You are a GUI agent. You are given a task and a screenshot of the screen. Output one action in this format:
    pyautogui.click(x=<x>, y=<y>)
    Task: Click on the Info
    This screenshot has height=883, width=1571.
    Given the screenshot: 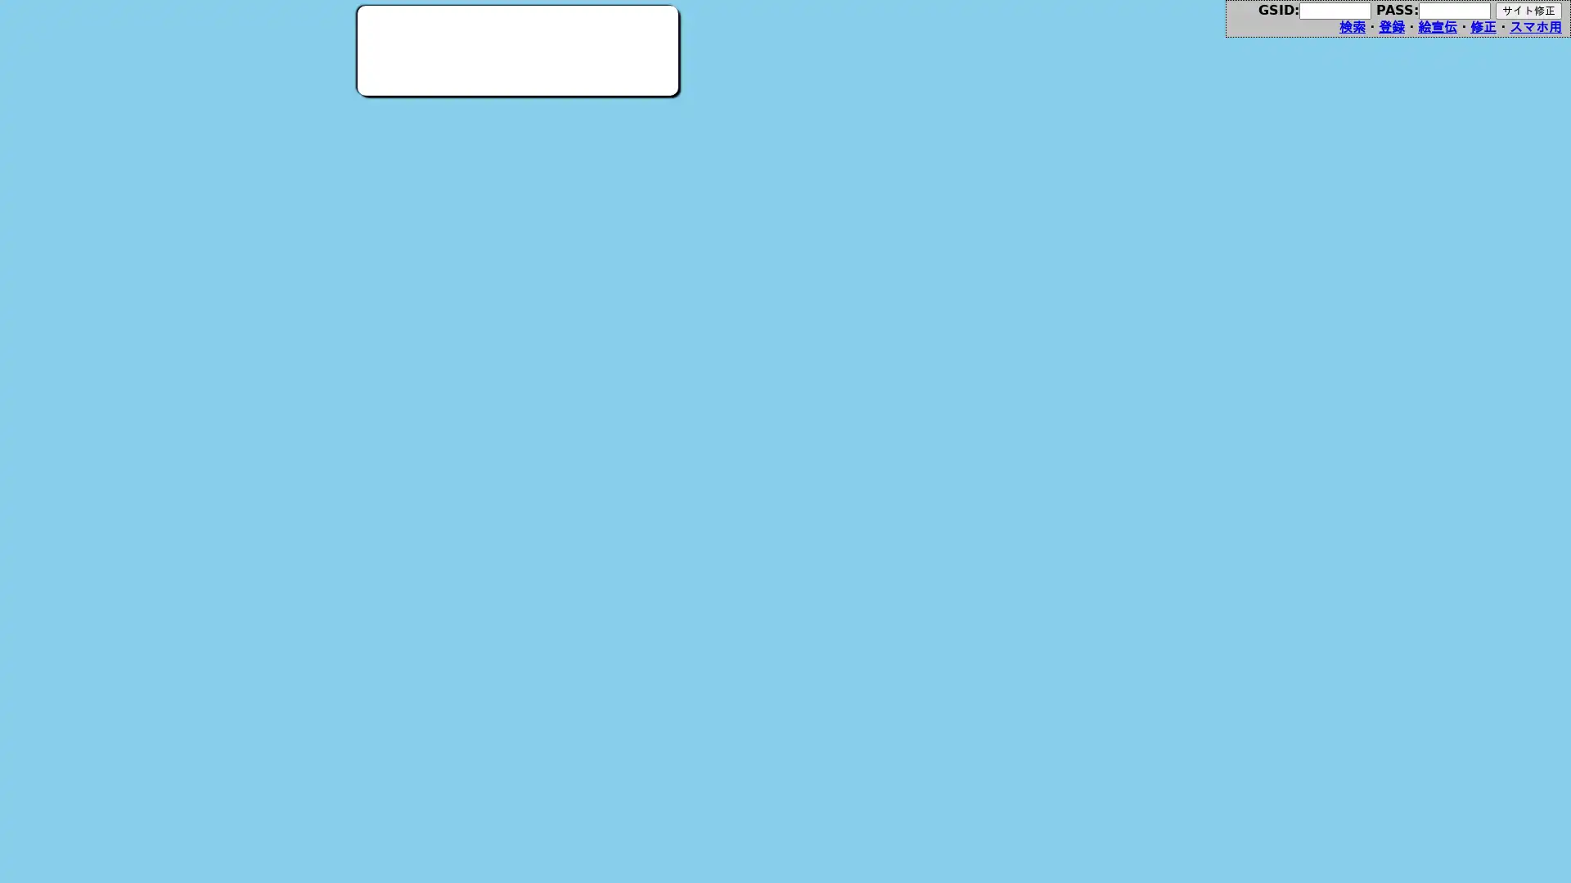 What is the action you would take?
    pyautogui.click(x=577, y=191)
    